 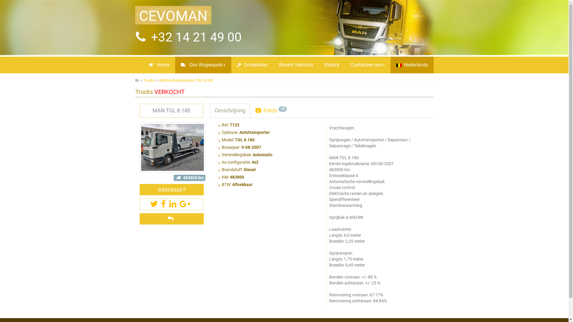 I want to click on 'Nederlands', so click(x=412, y=65).